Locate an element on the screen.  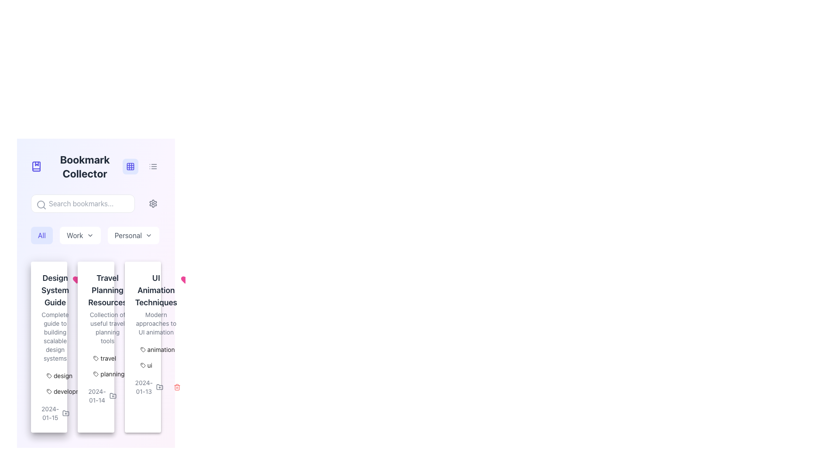
the text display composite located at the top-left corner of the leftmost card in a horizontally scrollable list, which presents information about a guide related to scalable design systems is located at coordinates (48, 317).